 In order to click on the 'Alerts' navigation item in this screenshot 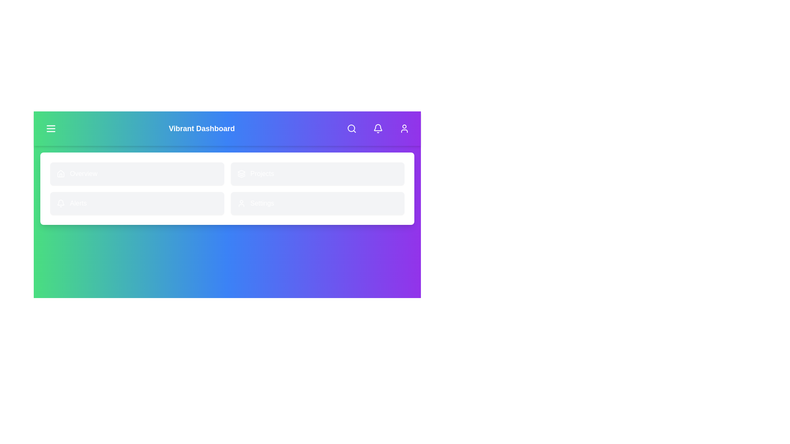, I will do `click(137, 203)`.